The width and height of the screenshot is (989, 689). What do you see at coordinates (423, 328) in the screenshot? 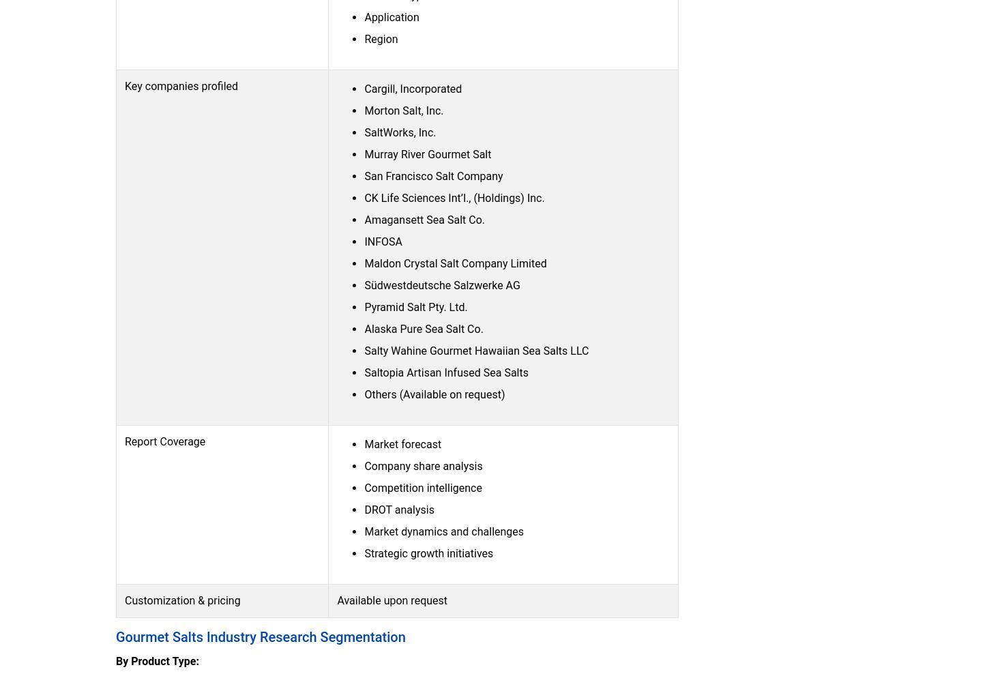
I see `'Alaska Pure Sea Salt Co.'` at bounding box center [423, 328].